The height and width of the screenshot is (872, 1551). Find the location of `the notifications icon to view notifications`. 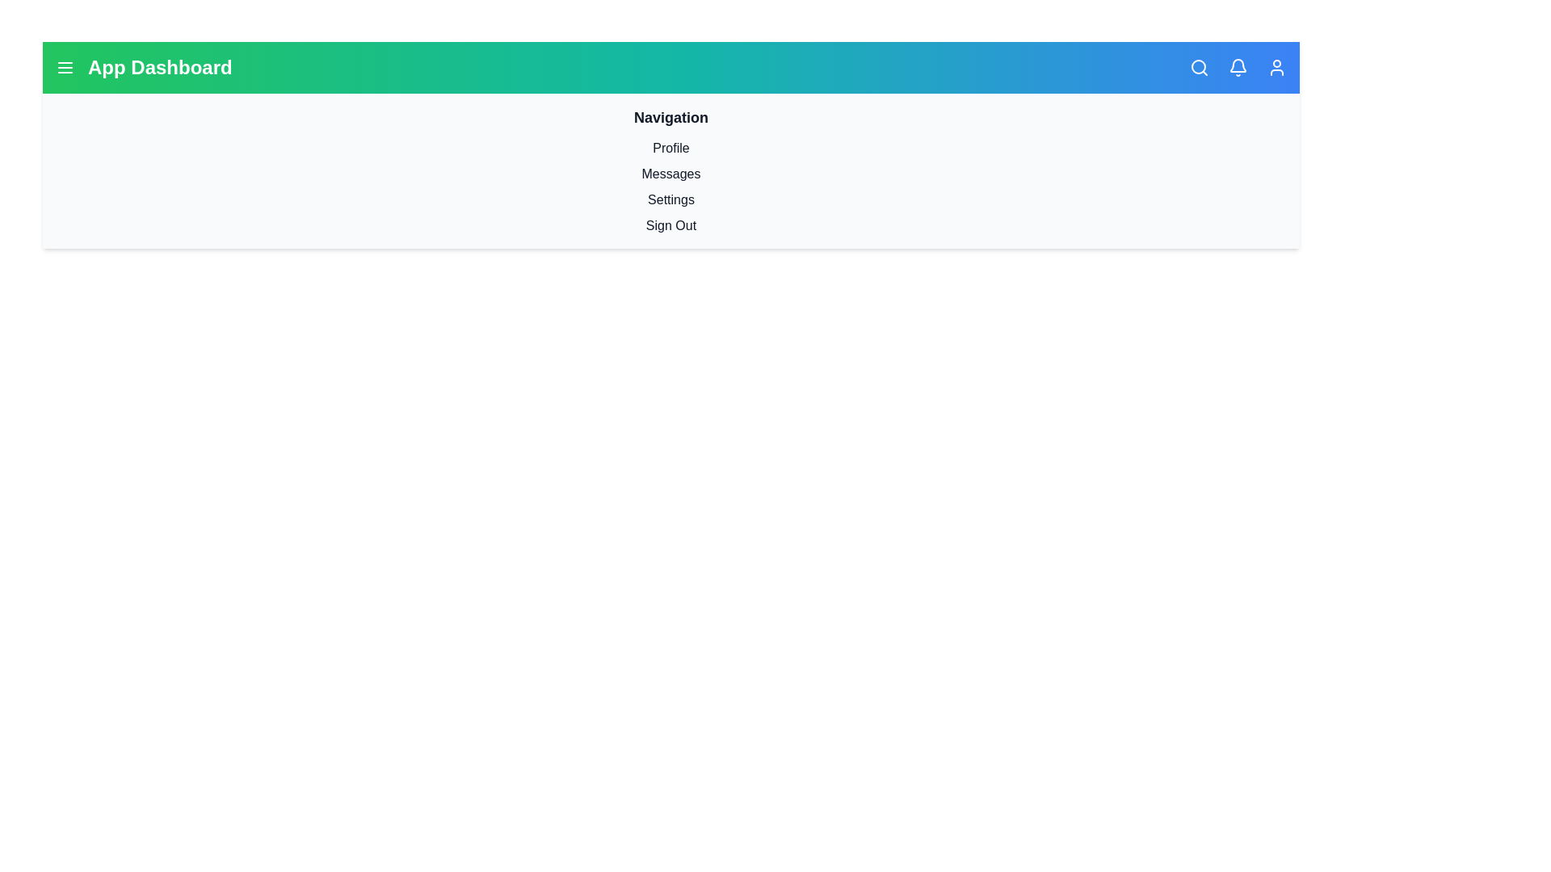

the notifications icon to view notifications is located at coordinates (1237, 67).